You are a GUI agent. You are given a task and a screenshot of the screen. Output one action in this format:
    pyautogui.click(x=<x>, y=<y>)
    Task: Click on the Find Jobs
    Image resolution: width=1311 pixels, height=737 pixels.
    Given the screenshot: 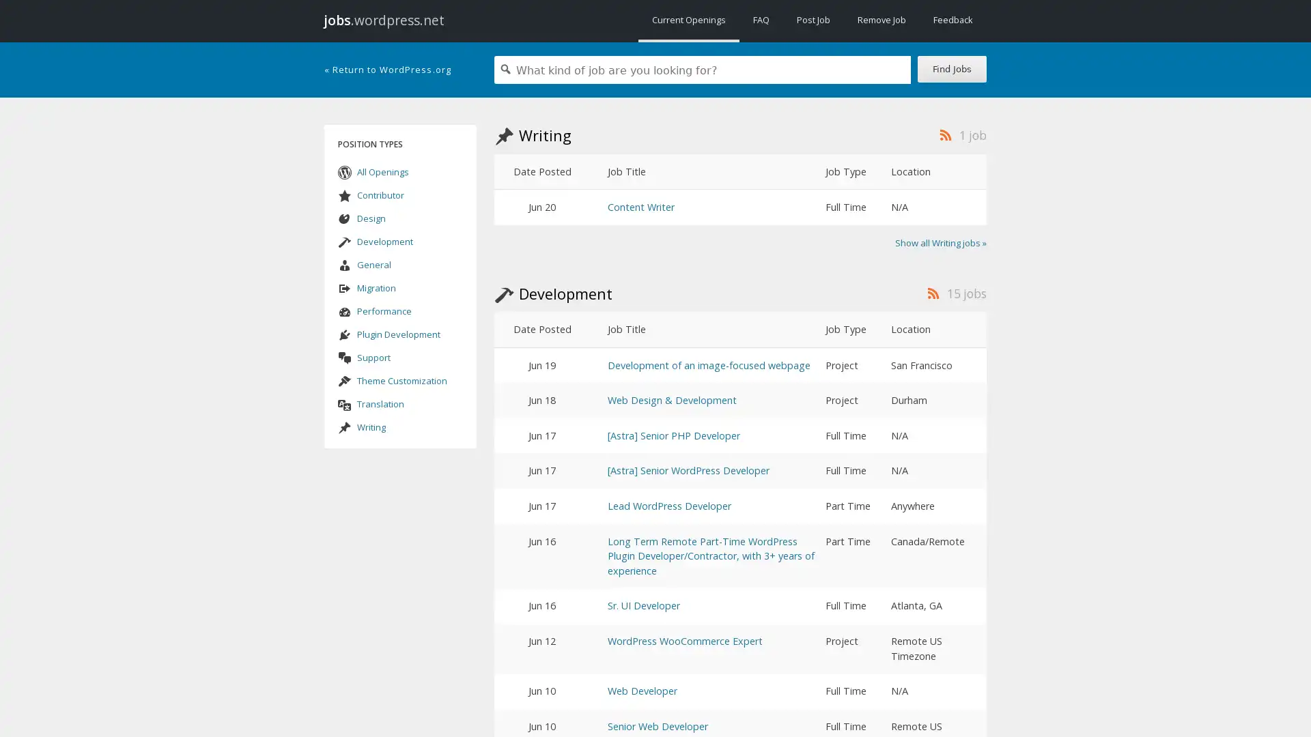 What is the action you would take?
    pyautogui.click(x=951, y=68)
    